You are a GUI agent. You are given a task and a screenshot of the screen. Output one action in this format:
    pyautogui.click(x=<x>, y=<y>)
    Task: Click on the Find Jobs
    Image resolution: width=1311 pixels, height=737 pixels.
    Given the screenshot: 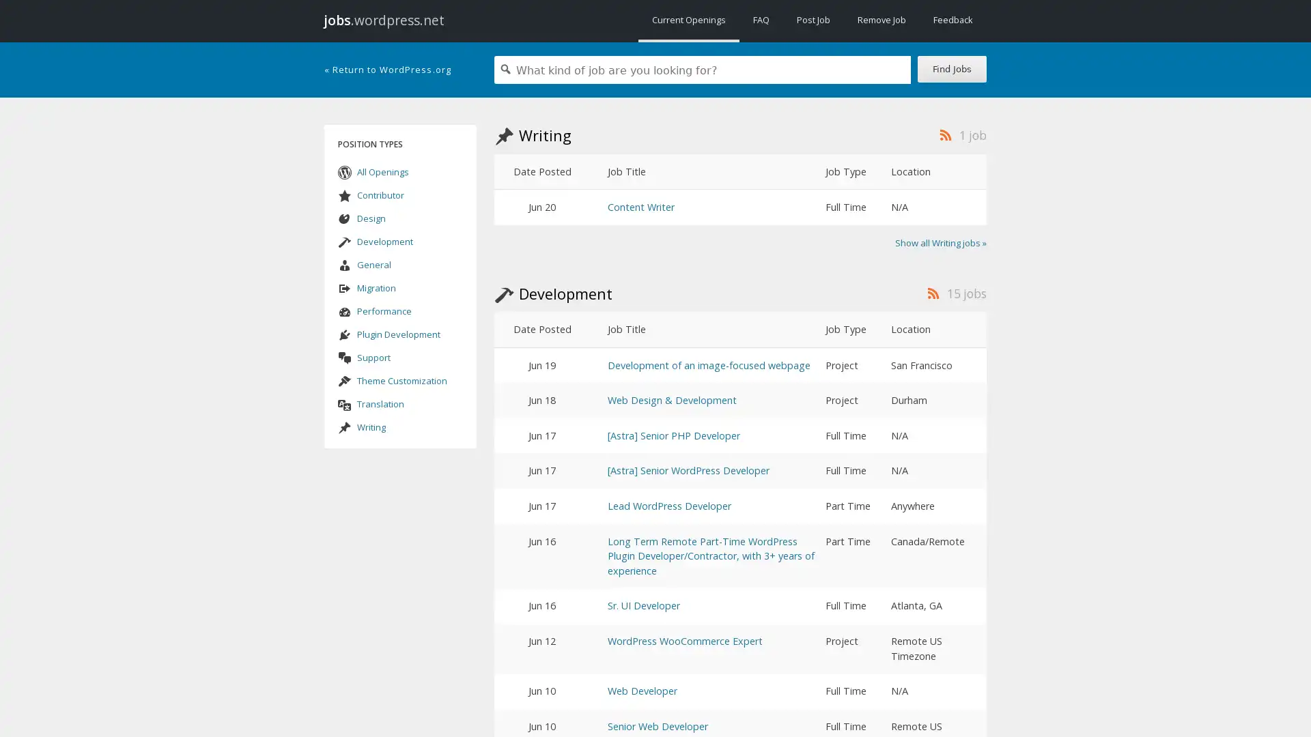 What is the action you would take?
    pyautogui.click(x=951, y=68)
    